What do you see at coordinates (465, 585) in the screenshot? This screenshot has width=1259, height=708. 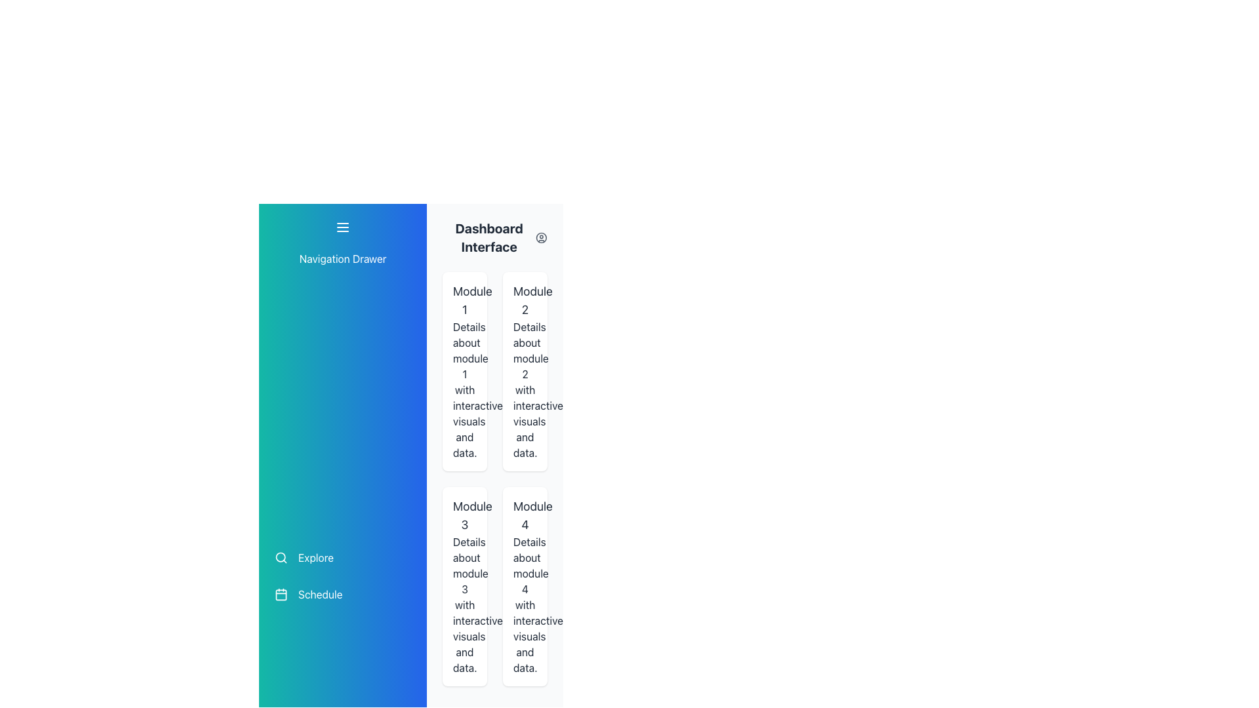 I see `the Information card for Module 3` at bounding box center [465, 585].